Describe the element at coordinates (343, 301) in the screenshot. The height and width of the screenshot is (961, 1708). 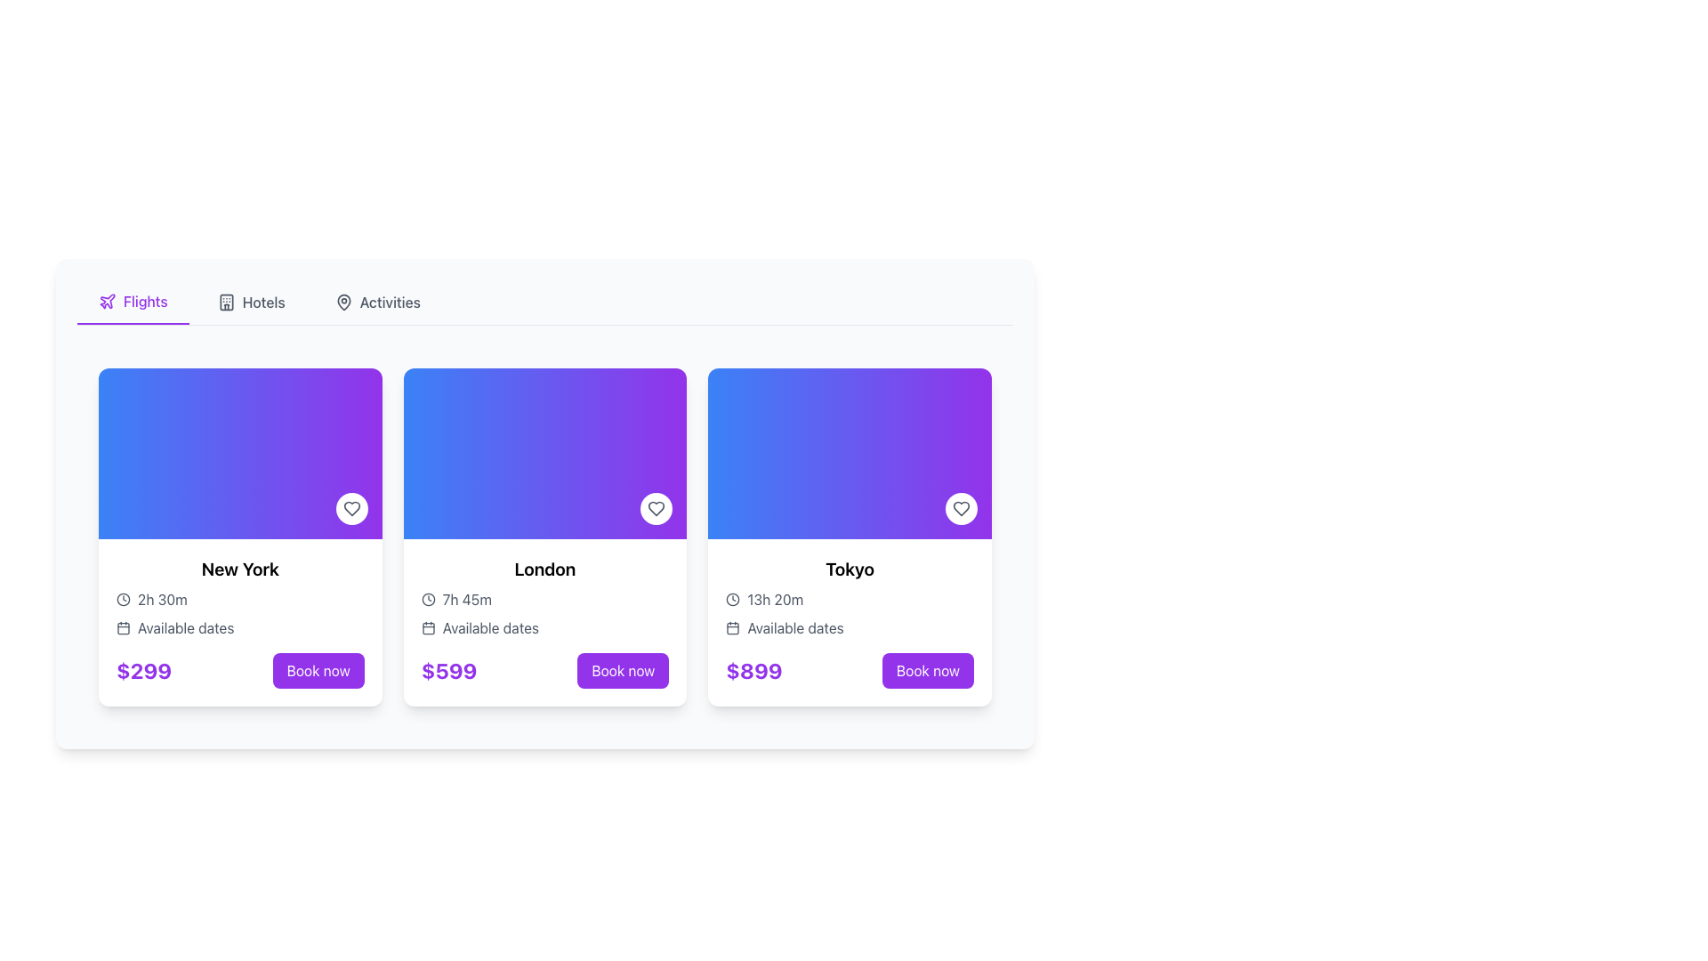
I see `the Activities icon located in the header menu bar, which visually represents the Activities category next to its text label` at that location.